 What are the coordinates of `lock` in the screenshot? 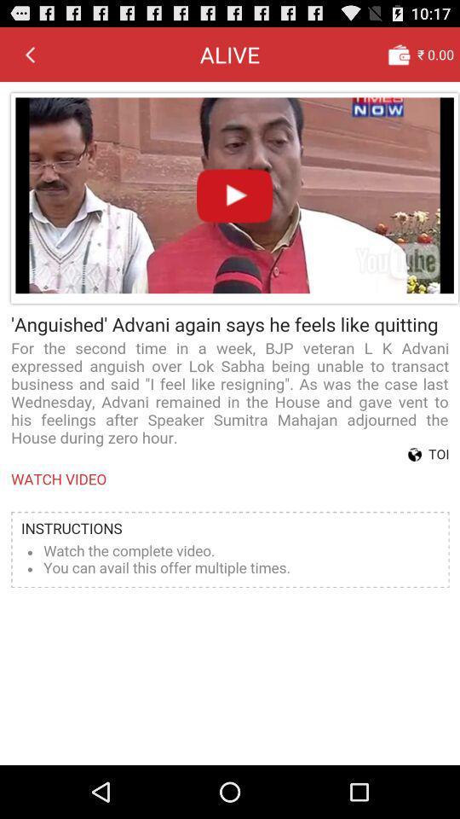 It's located at (399, 54).